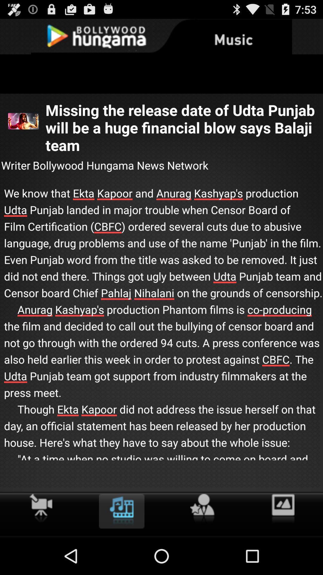 The width and height of the screenshot is (323, 575). What do you see at coordinates (283, 509) in the screenshot?
I see `the icon at the bottom right corner` at bounding box center [283, 509].